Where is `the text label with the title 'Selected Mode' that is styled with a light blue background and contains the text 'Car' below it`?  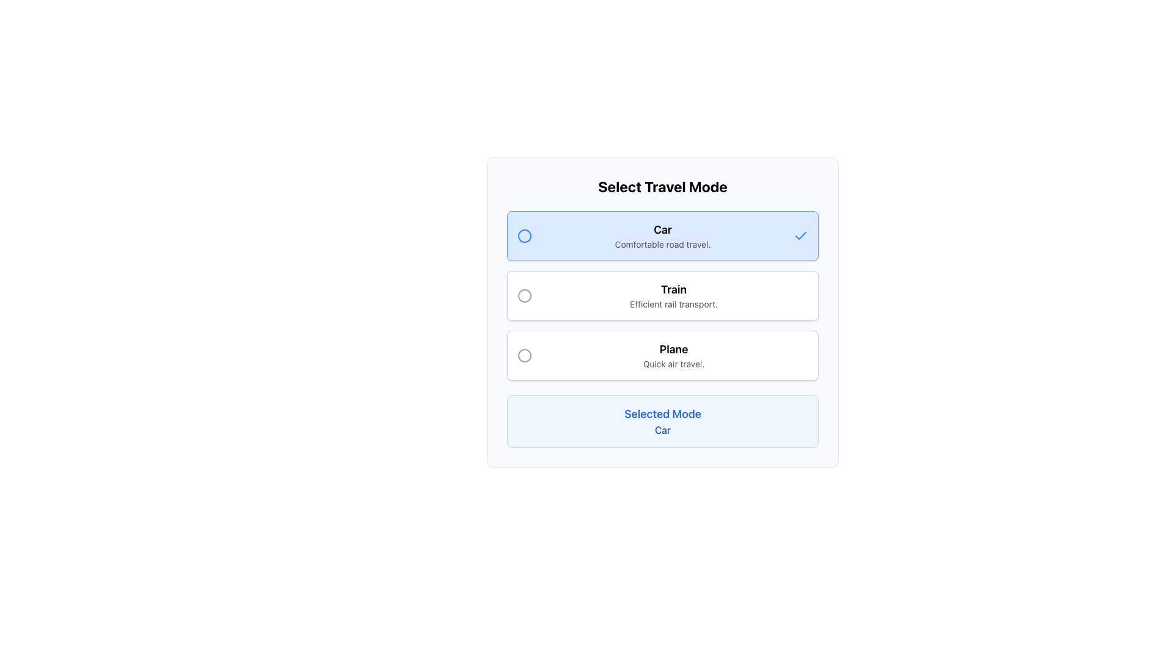
the text label with the title 'Selected Mode' that is styled with a light blue background and contains the text 'Car' below it is located at coordinates (662, 420).